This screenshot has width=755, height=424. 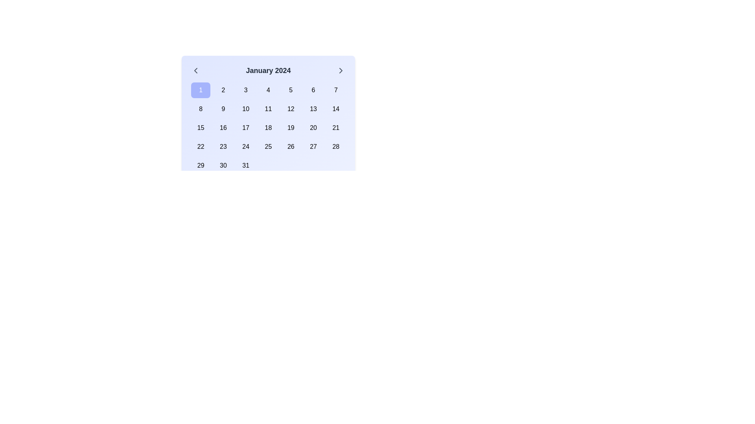 I want to click on the left-pointing chevron button with a thin gray outline located at the far left of the header bar in the January 2024 calendar interface, so click(x=196, y=71).